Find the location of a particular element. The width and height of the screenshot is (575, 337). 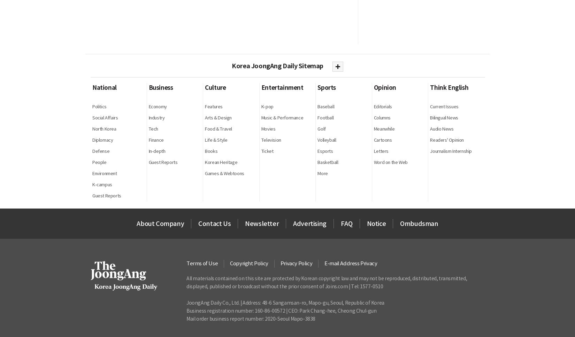

'Journalism Internship' is located at coordinates (450, 151).